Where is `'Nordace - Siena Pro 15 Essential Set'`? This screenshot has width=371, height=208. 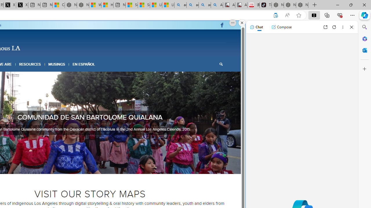 'Nordace - Siena Pro 15 Essential Set' is located at coordinates (302, 5).